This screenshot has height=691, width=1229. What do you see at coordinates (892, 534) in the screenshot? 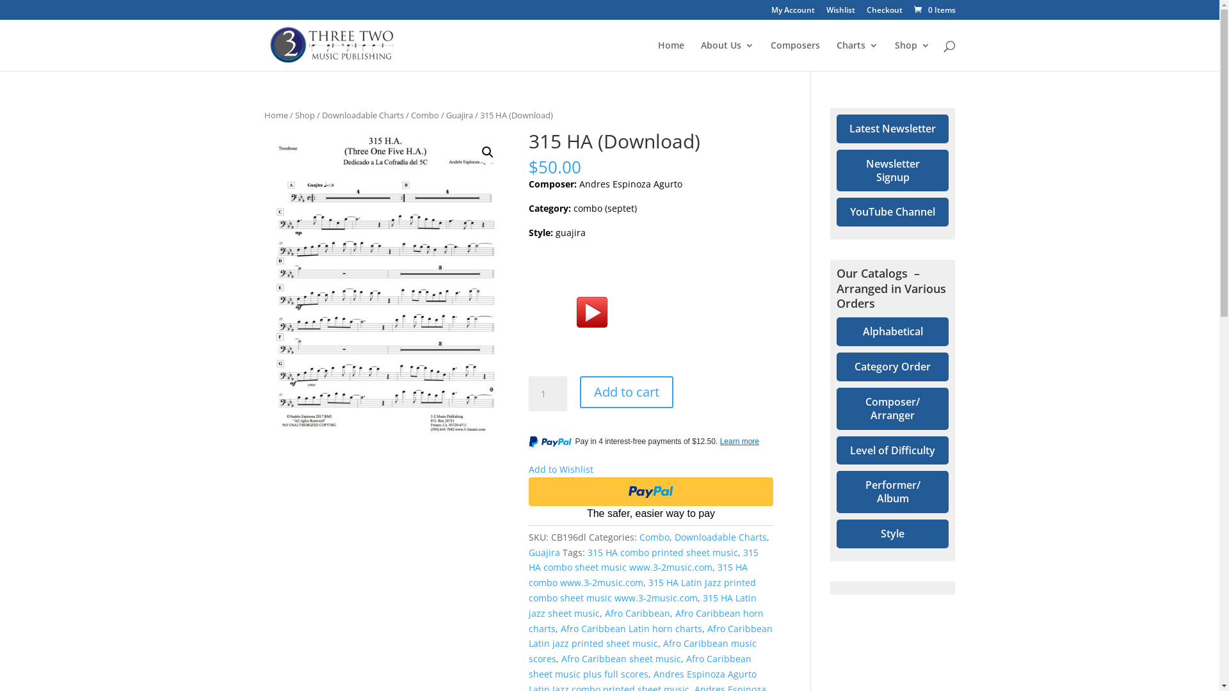
I see `'Style'` at bounding box center [892, 534].